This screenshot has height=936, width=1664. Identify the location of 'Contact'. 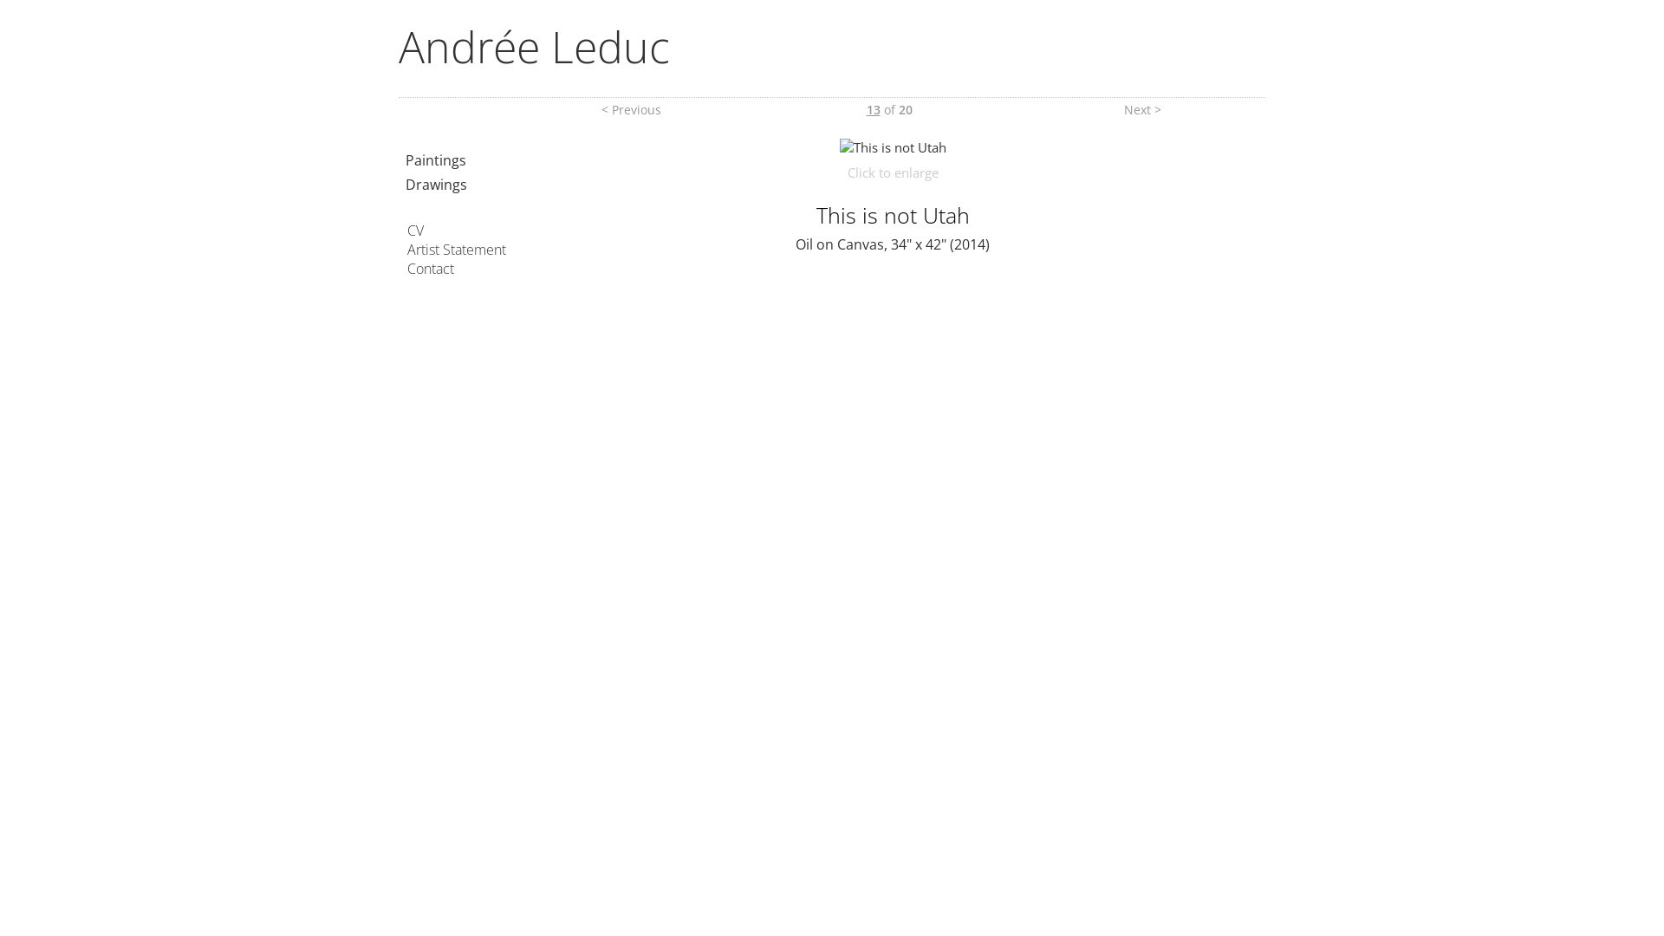
(406, 268).